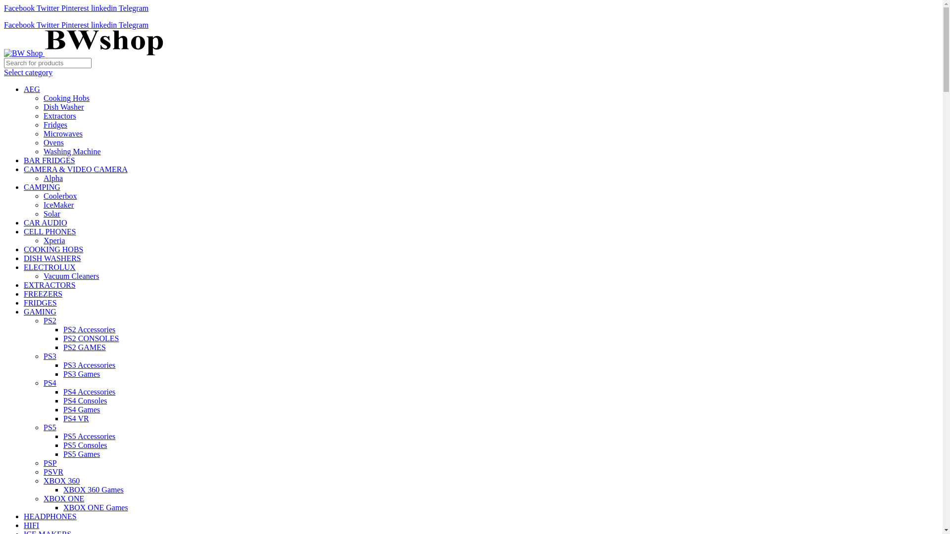 The height and width of the screenshot is (534, 950). I want to click on 'PS3 Accessories', so click(89, 365).